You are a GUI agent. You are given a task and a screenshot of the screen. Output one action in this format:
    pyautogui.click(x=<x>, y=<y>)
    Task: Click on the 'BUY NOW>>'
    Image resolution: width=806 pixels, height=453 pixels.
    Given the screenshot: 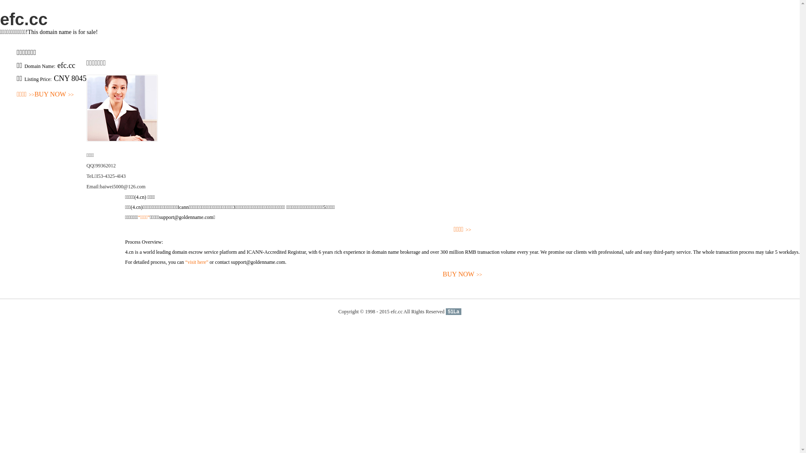 What is the action you would take?
    pyautogui.click(x=54, y=94)
    